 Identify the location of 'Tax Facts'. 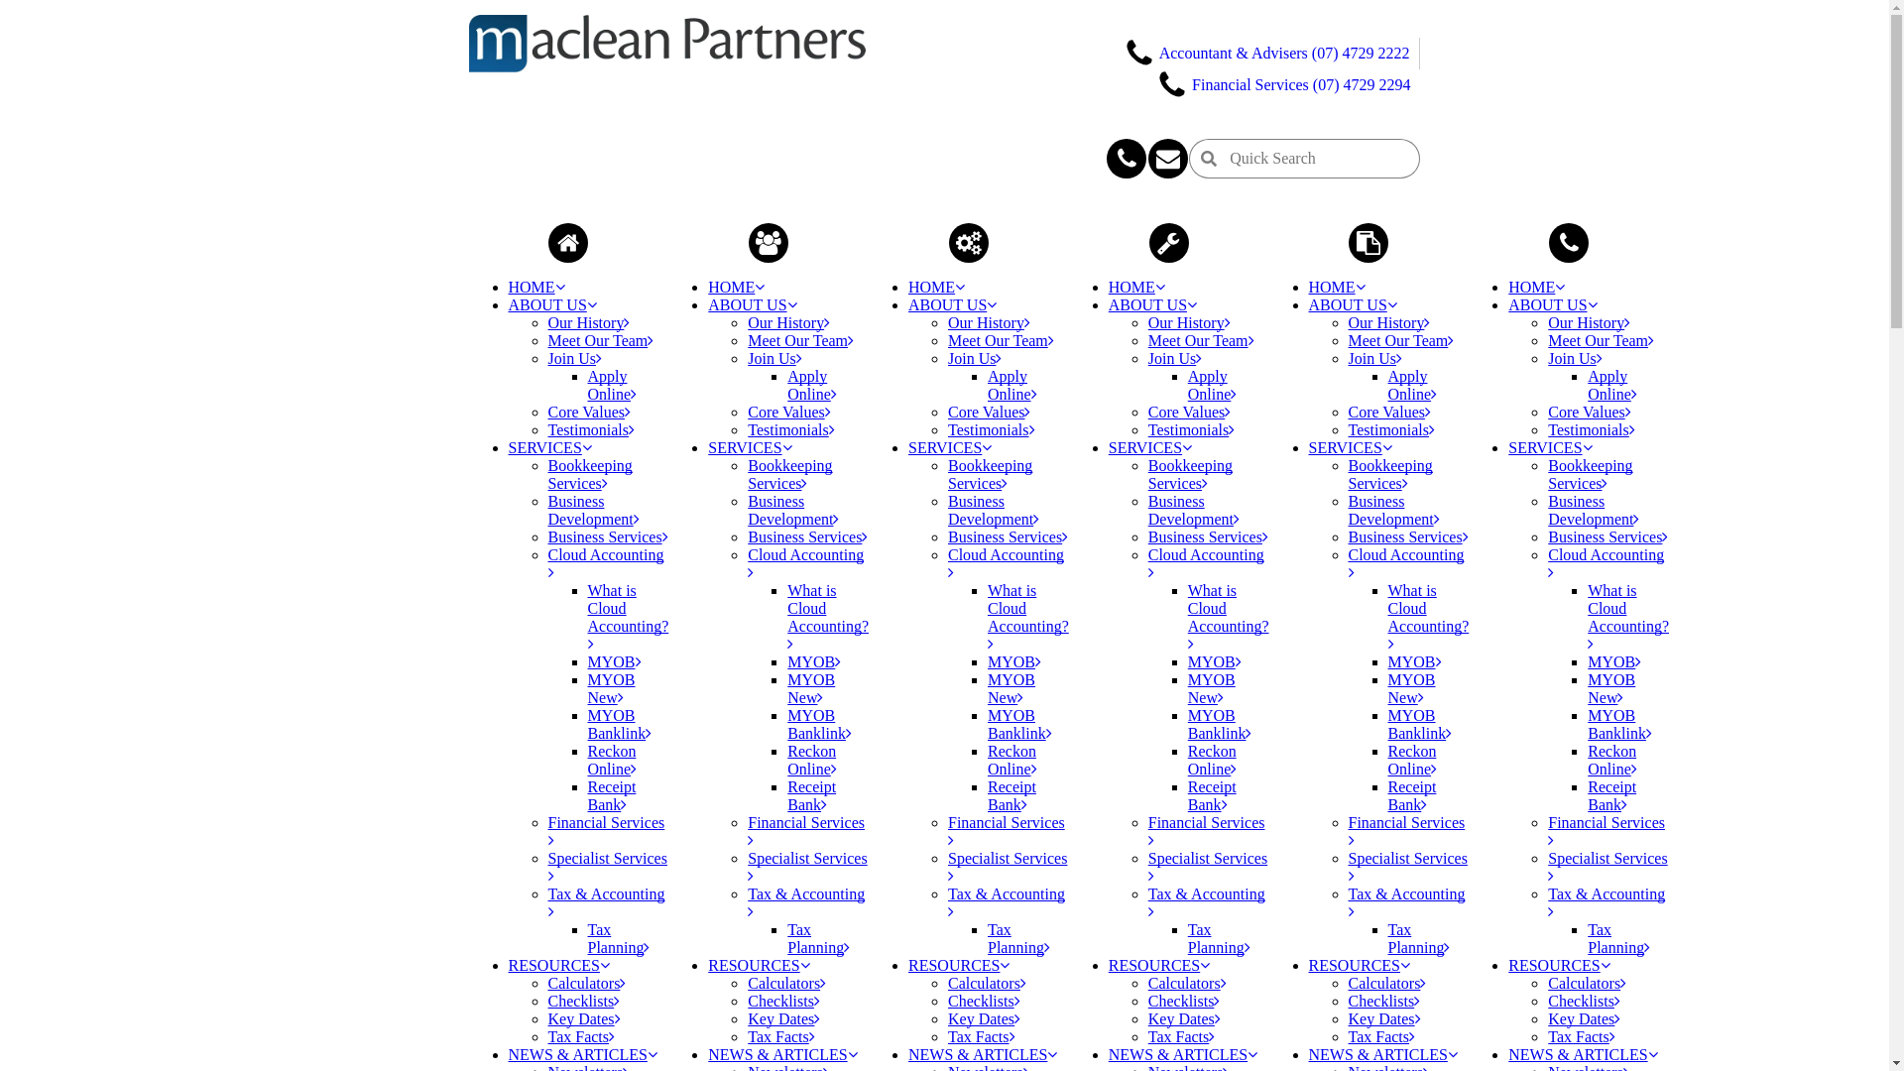
(1181, 1035).